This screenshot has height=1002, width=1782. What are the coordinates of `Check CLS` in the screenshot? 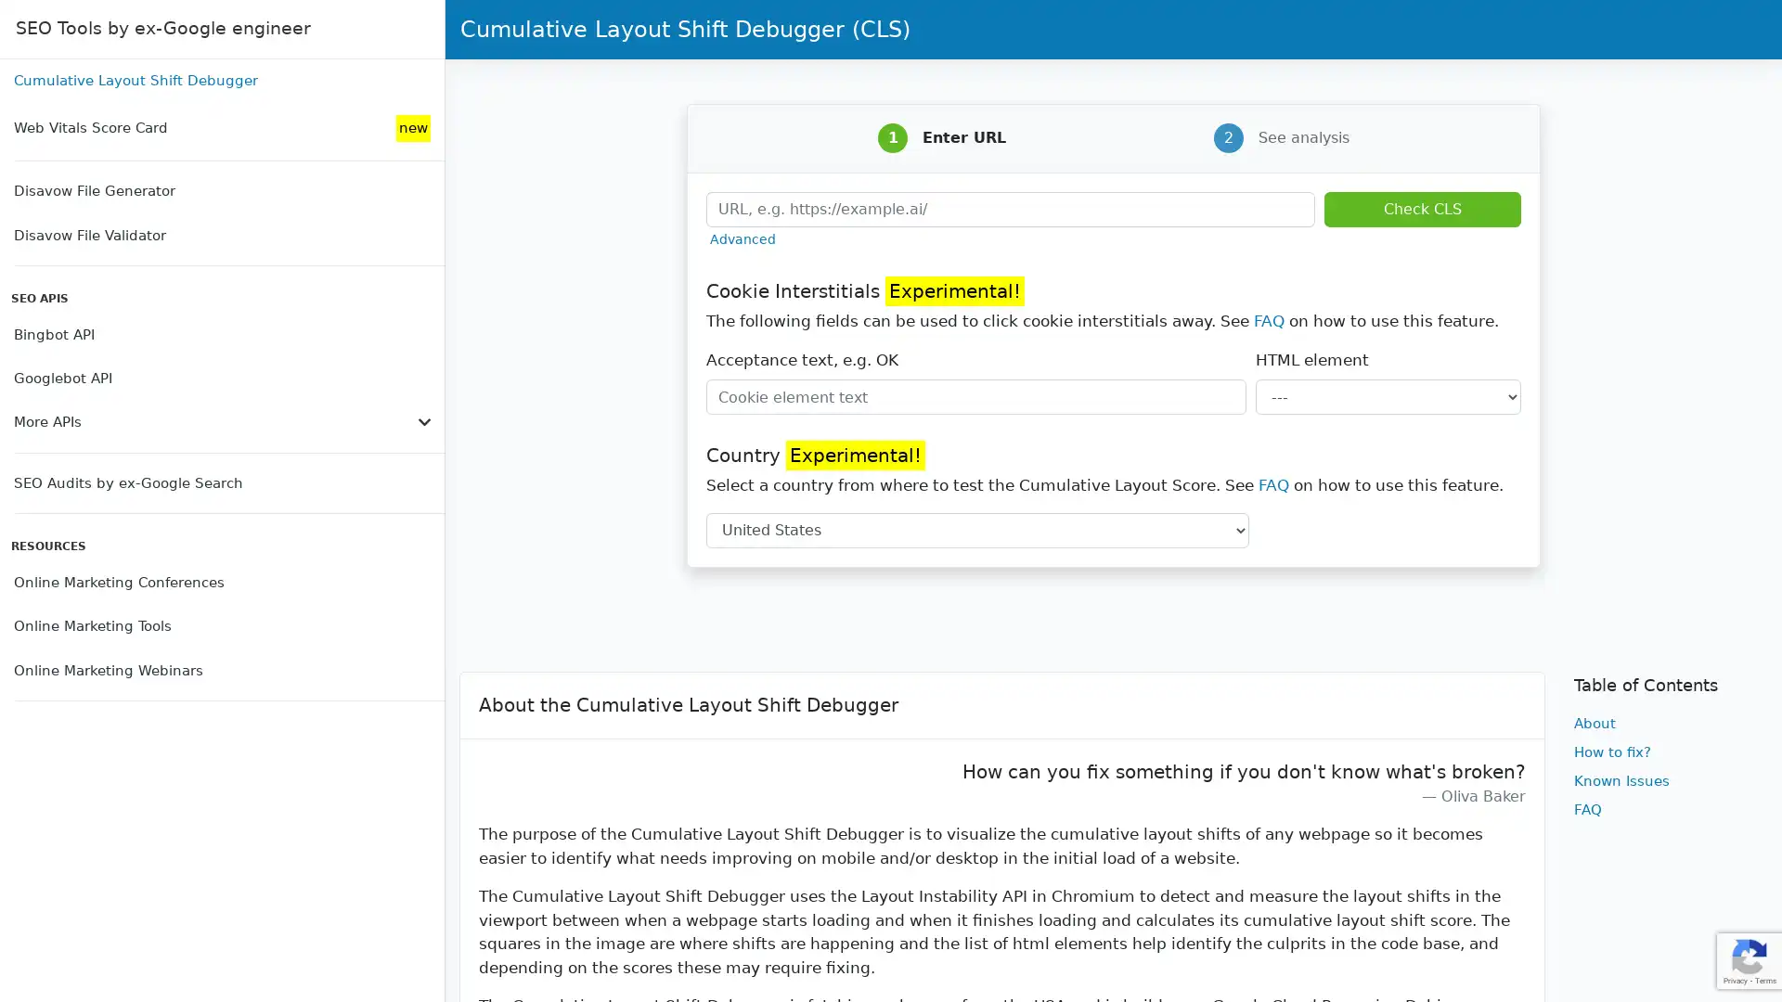 It's located at (1421, 208).